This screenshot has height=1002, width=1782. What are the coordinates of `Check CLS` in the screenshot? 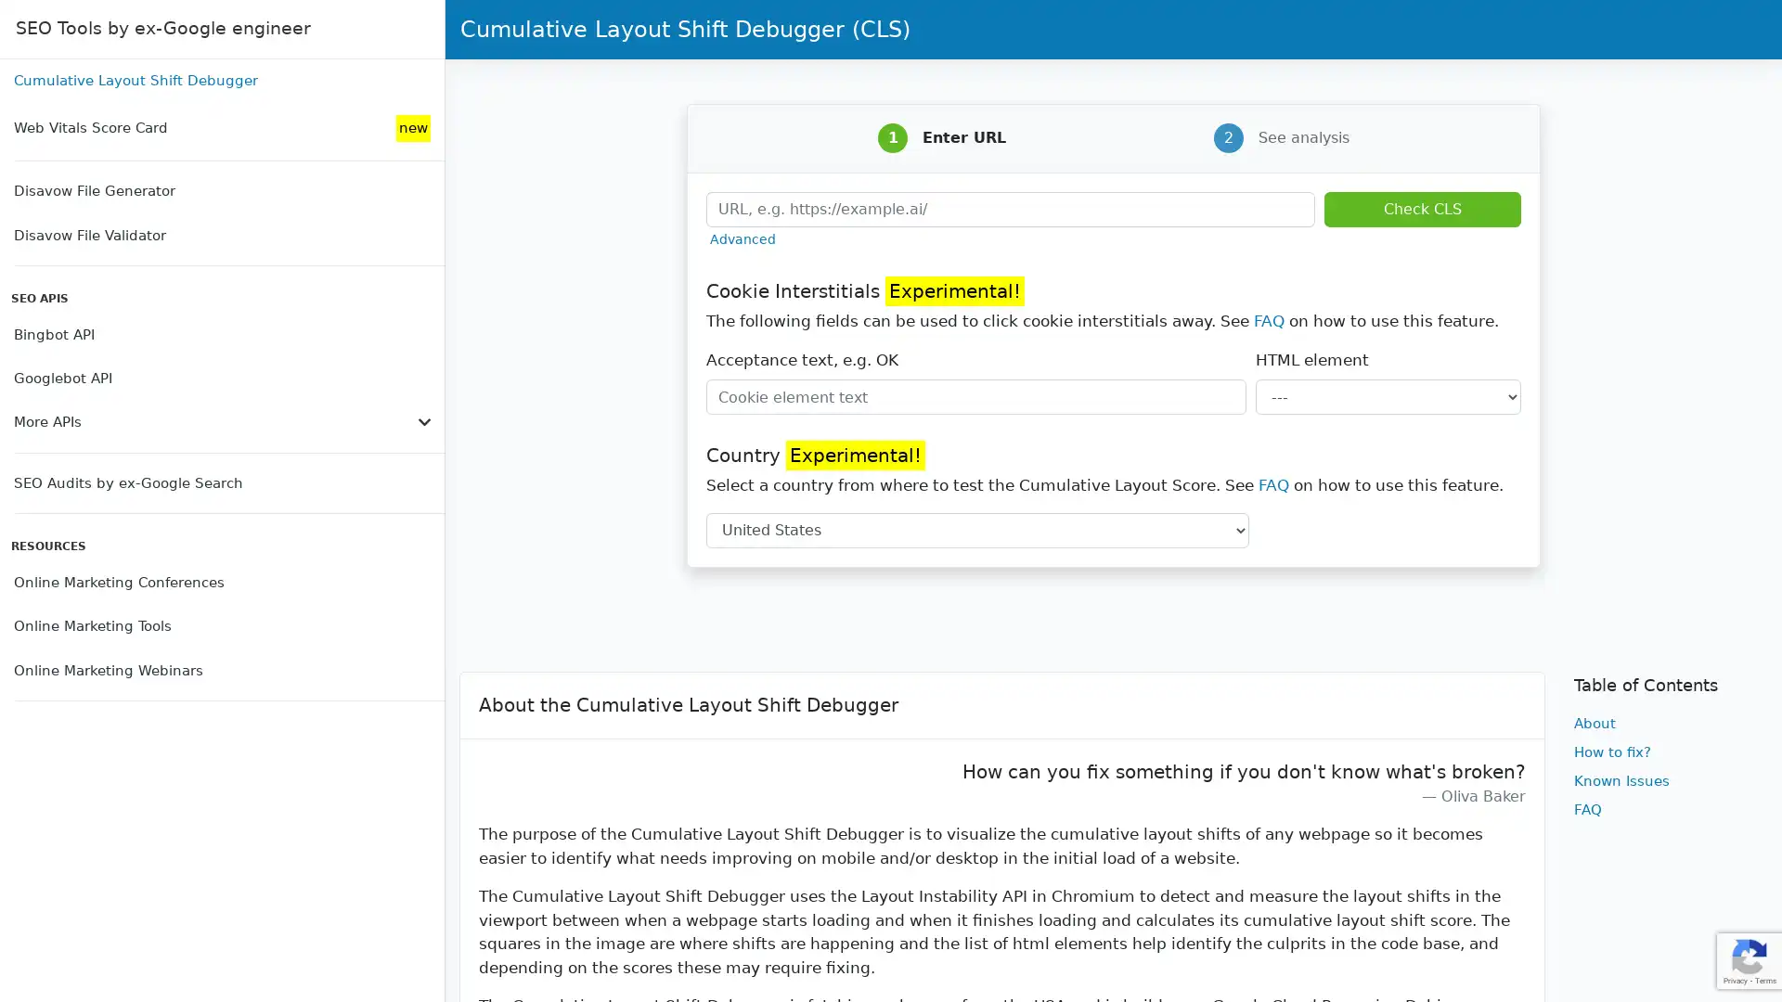 It's located at (1421, 208).